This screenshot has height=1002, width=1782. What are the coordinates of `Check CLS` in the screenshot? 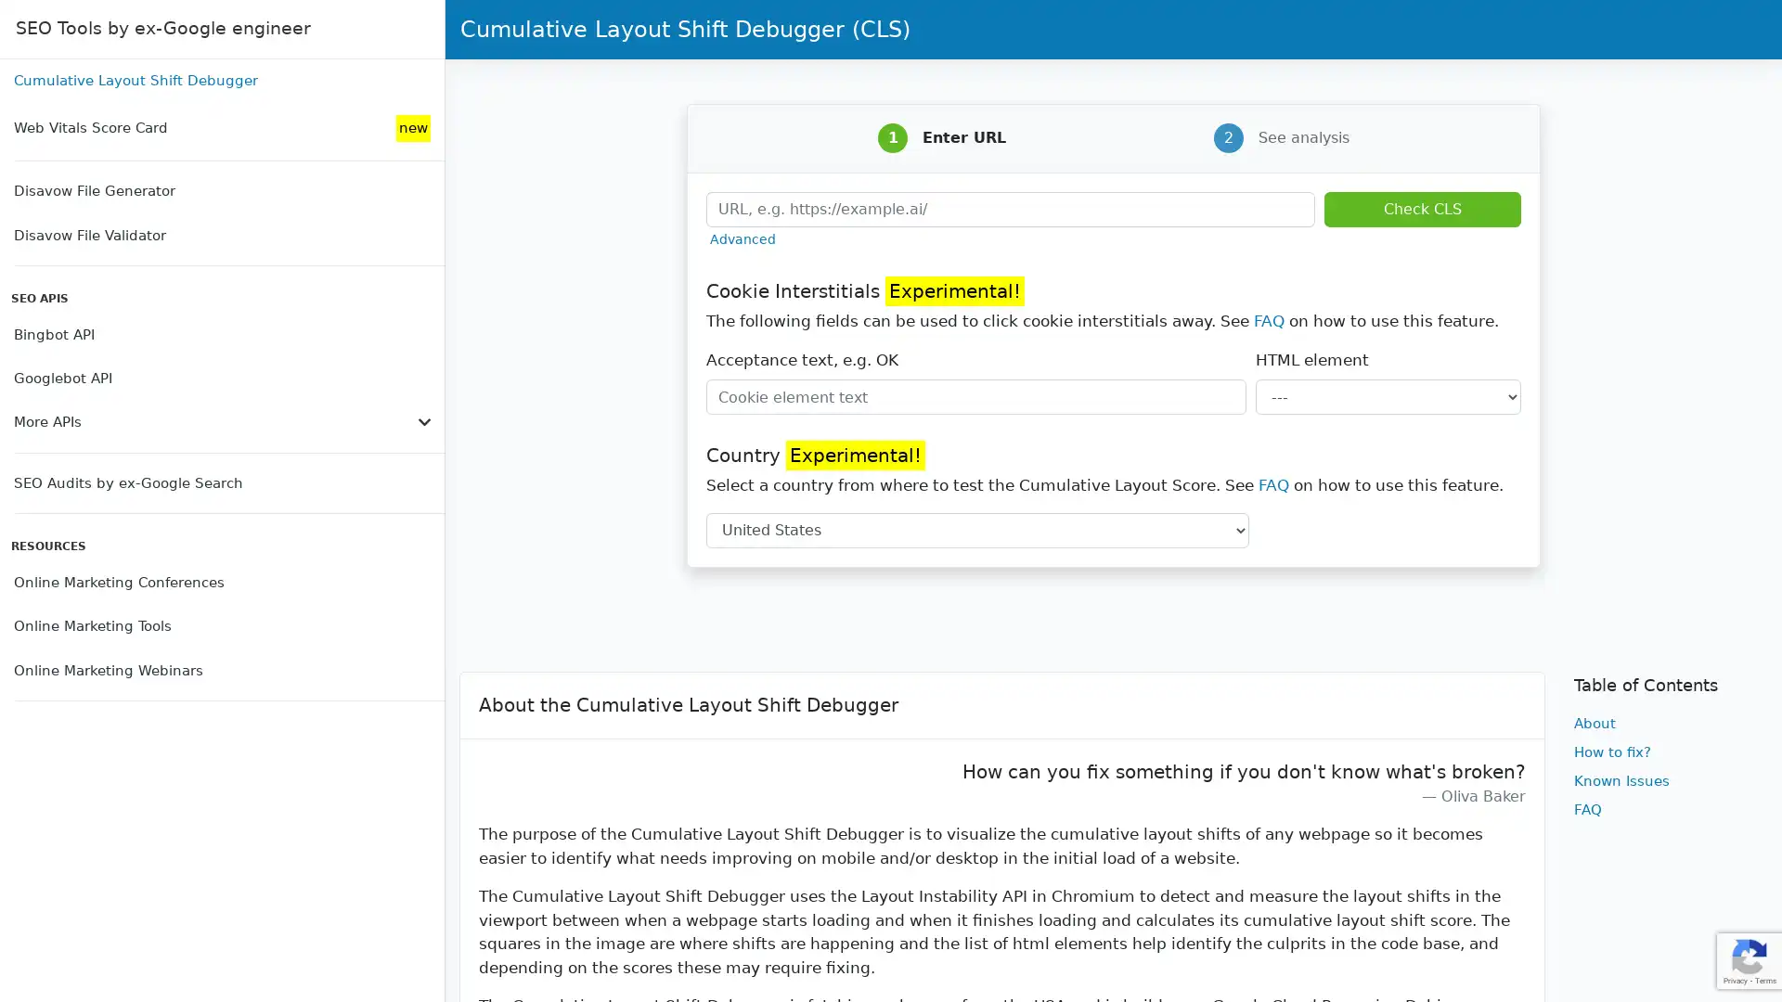 It's located at (1421, 208).